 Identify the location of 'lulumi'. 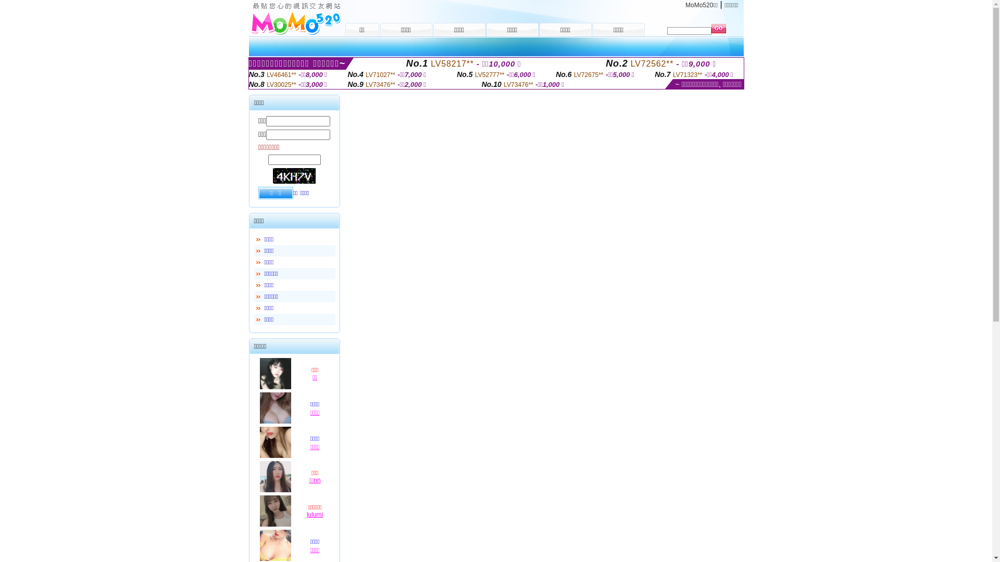
(314, 514).